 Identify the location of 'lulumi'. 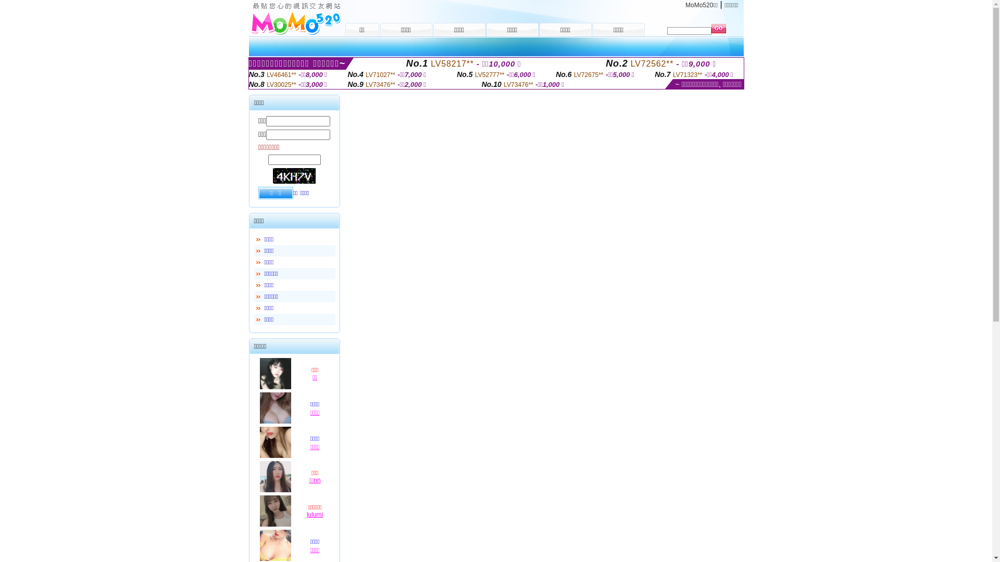
(314, 514).